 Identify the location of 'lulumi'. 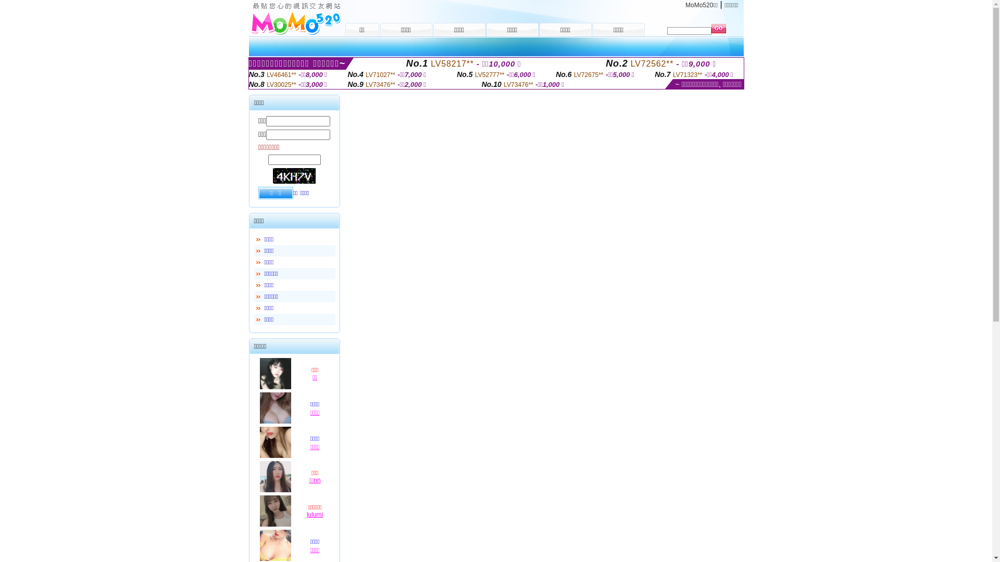
(314, 514).